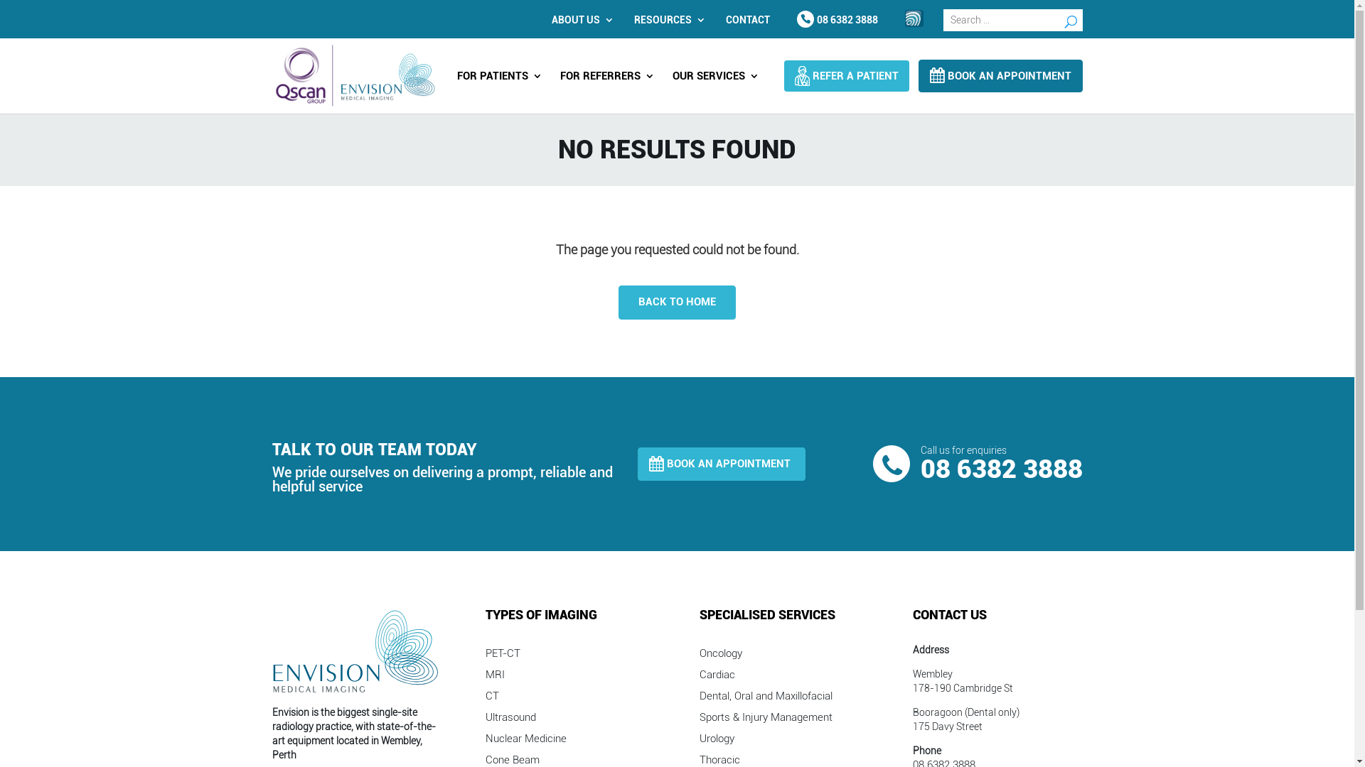 The image size is (1365, 767). Describe the element at coordinates (746, 19) in the screenshot. I see `'CONTACT'` at that location.